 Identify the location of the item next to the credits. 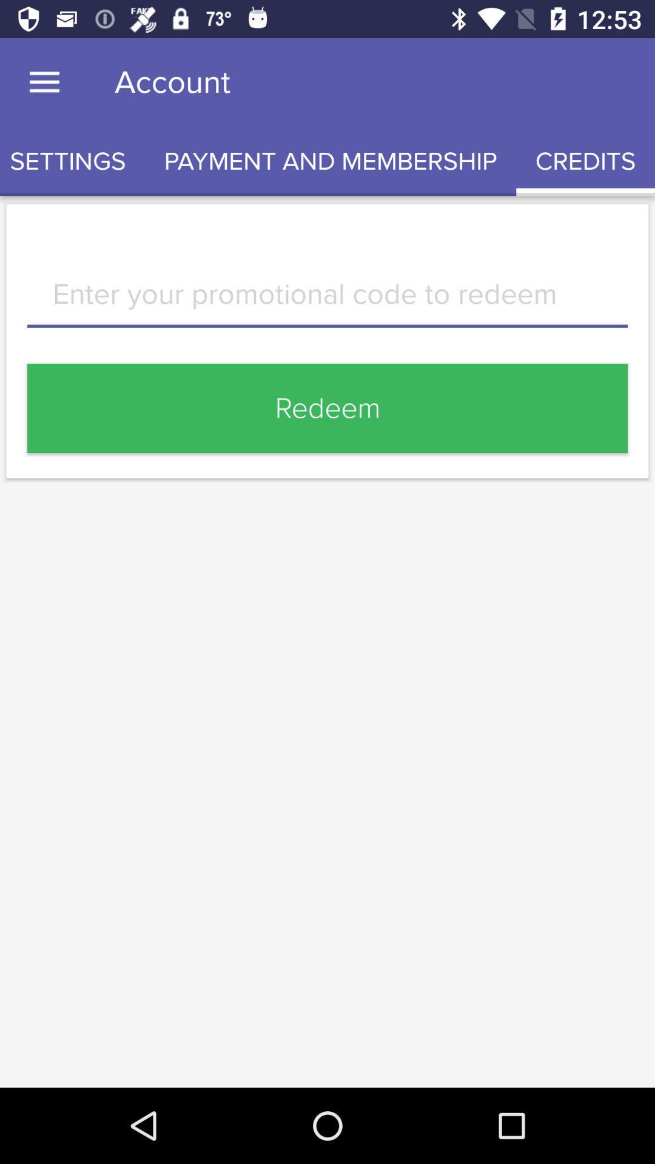
(331, 161).